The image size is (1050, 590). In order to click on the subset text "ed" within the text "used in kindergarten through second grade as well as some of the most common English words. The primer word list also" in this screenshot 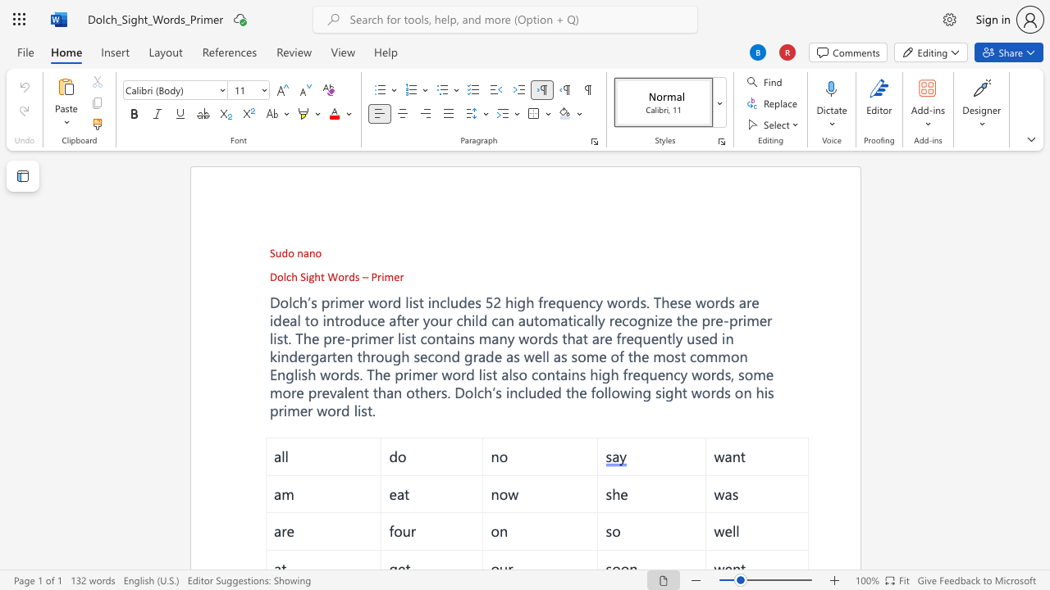, I will do `click(701, 337)`.